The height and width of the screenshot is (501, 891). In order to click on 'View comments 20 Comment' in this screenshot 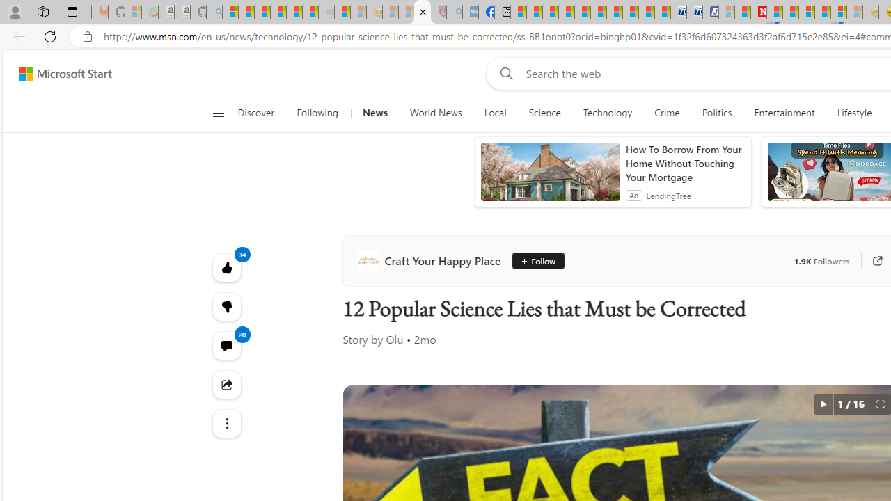, I will do `click(226, 344)`.